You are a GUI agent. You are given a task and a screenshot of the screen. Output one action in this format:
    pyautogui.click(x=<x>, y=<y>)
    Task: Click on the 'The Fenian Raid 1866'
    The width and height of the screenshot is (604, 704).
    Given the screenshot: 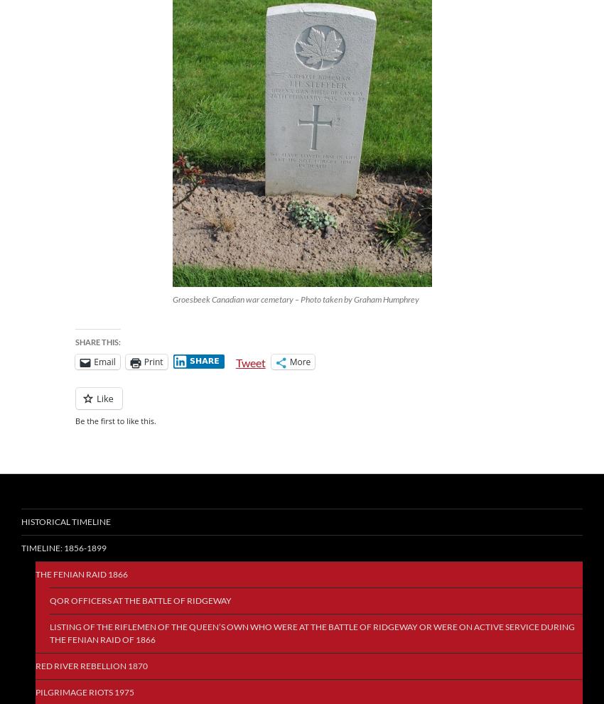 What is the action you would take?
    pyautogui.click(x=81, y=574)
    